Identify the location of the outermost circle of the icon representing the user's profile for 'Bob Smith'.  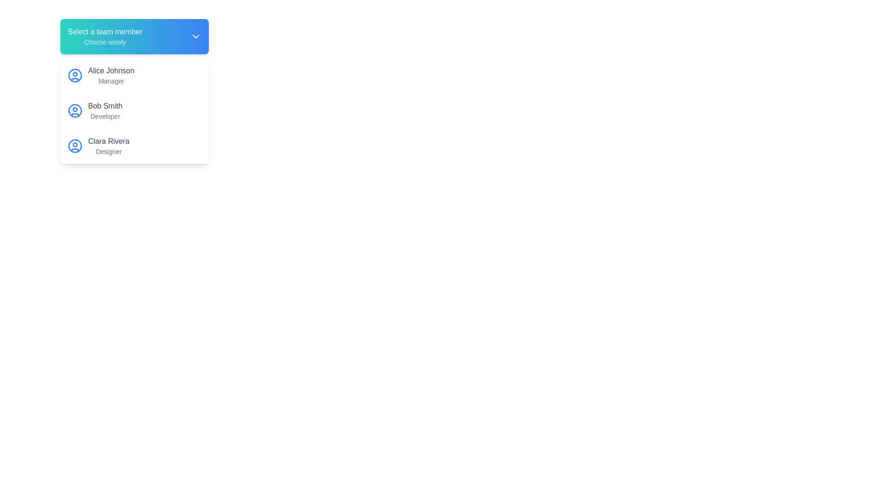
(75, 110).